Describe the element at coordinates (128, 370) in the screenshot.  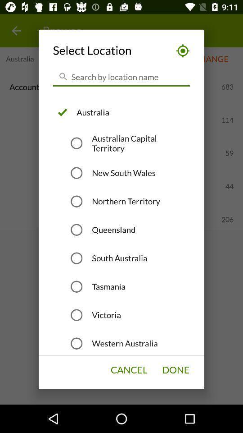
I see `the cancel item` at that location.